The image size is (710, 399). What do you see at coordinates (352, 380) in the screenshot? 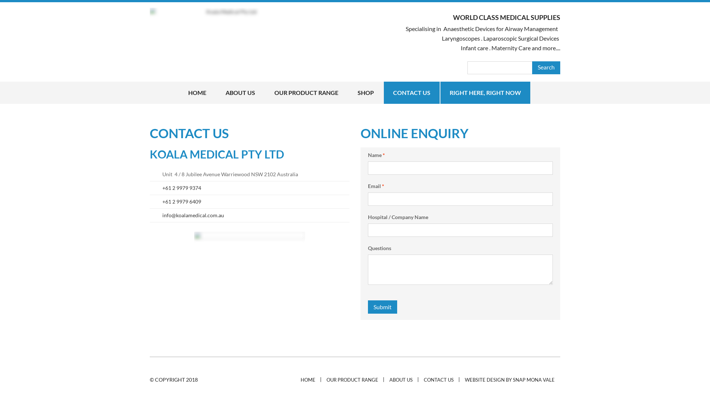
I see `'OUR PRODUCT RANGE'` at bounding box center [352, 380].